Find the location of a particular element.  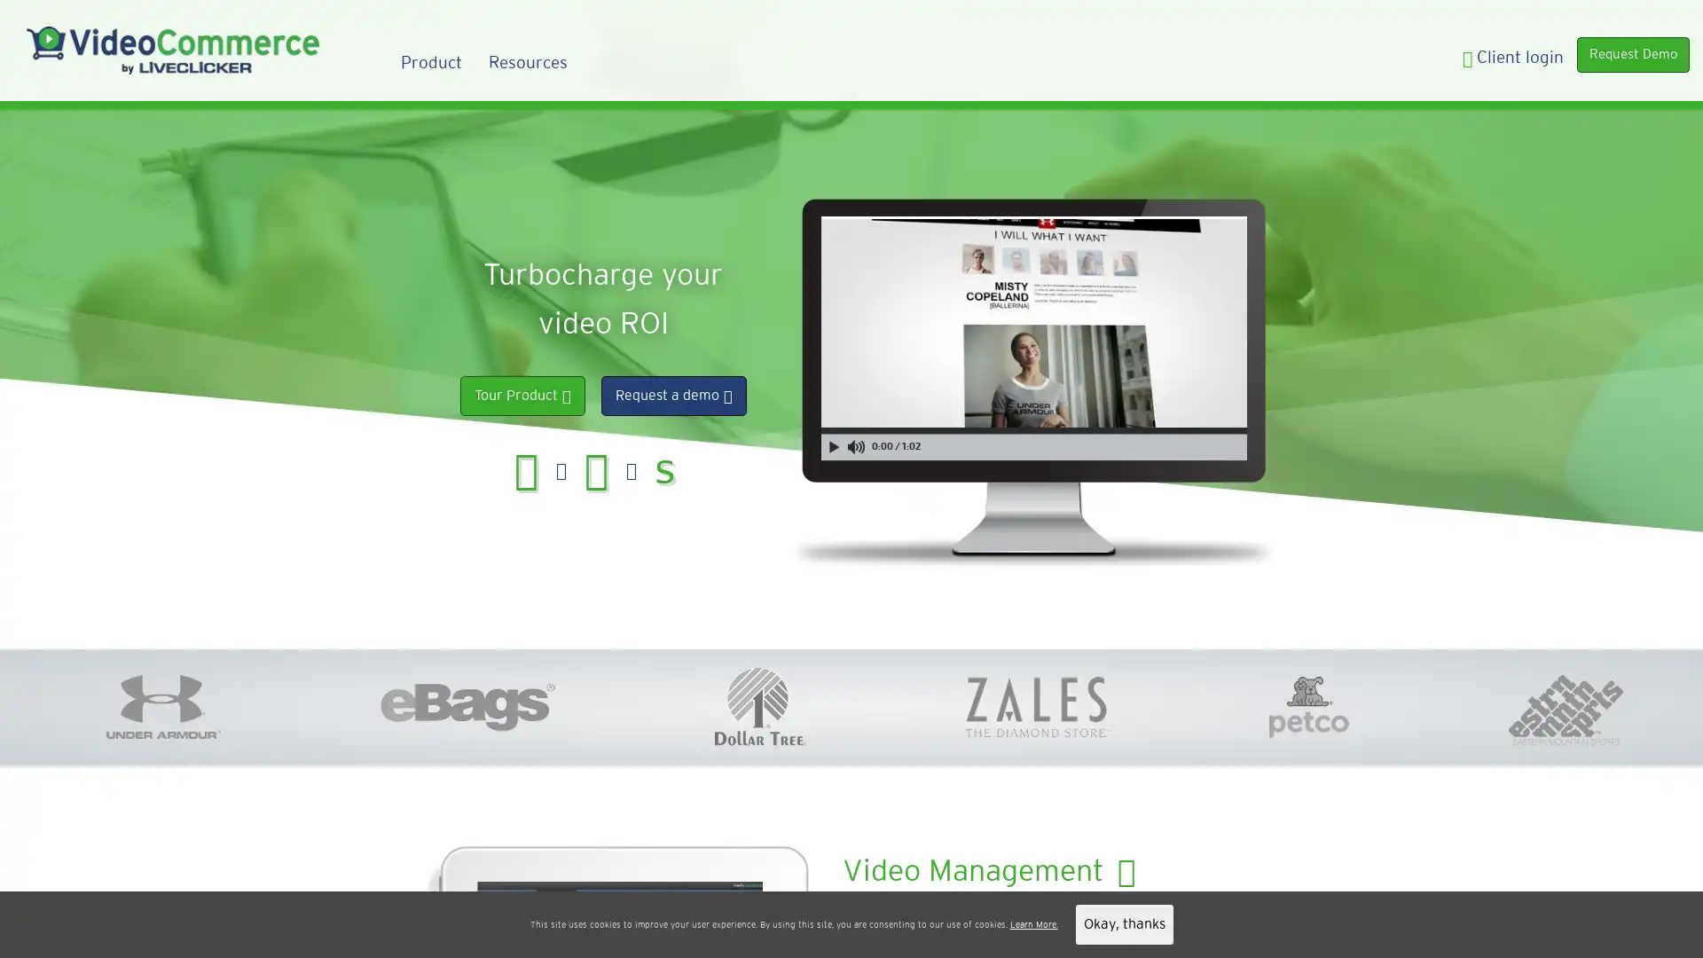

Request Demo is located at coordinates (1628, 55).